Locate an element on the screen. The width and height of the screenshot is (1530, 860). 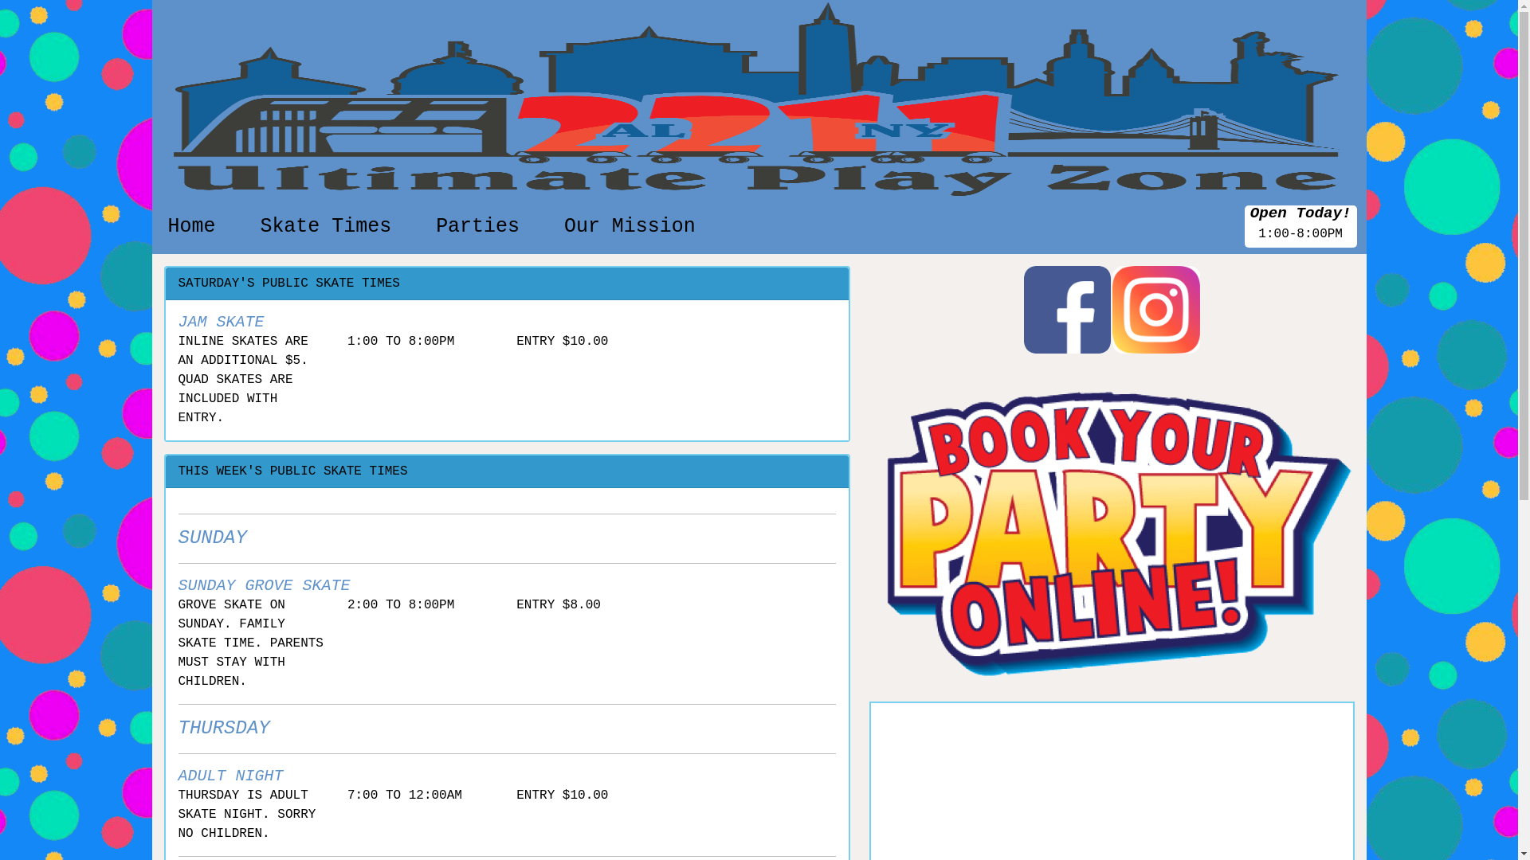
'Our Mission' is located at coordinates (629, 226).